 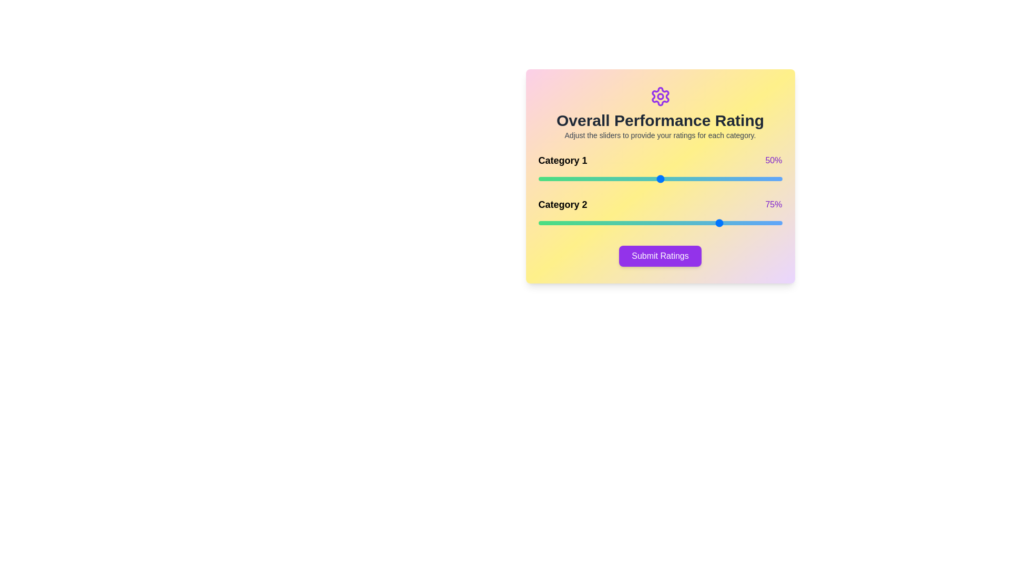 I want to click on 'Submit Ratings' button to submit the ratings, so click(x=660, y=256).